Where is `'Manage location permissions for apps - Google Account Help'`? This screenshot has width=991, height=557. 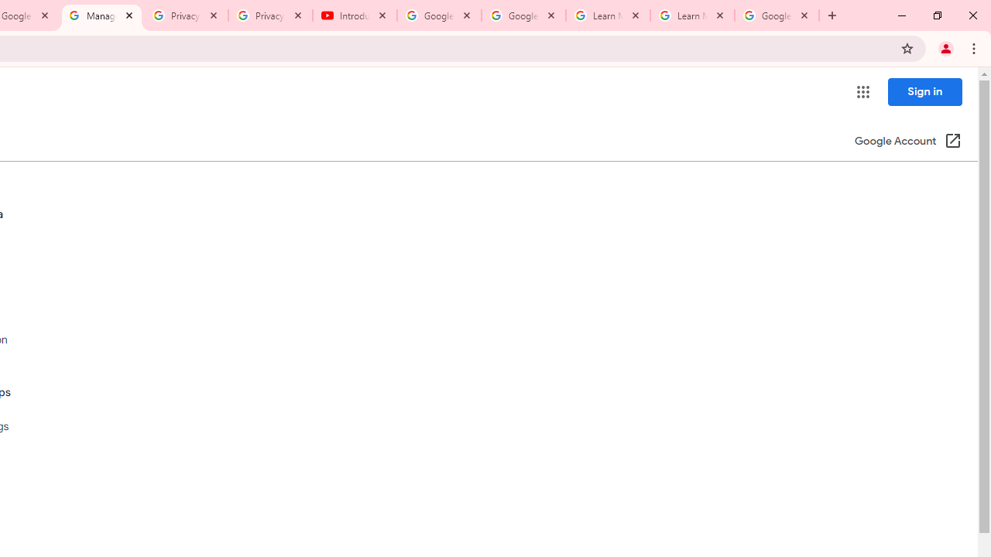
'Manage location permissions for apps - Google Account Help' is located at coordinates (101, 15).